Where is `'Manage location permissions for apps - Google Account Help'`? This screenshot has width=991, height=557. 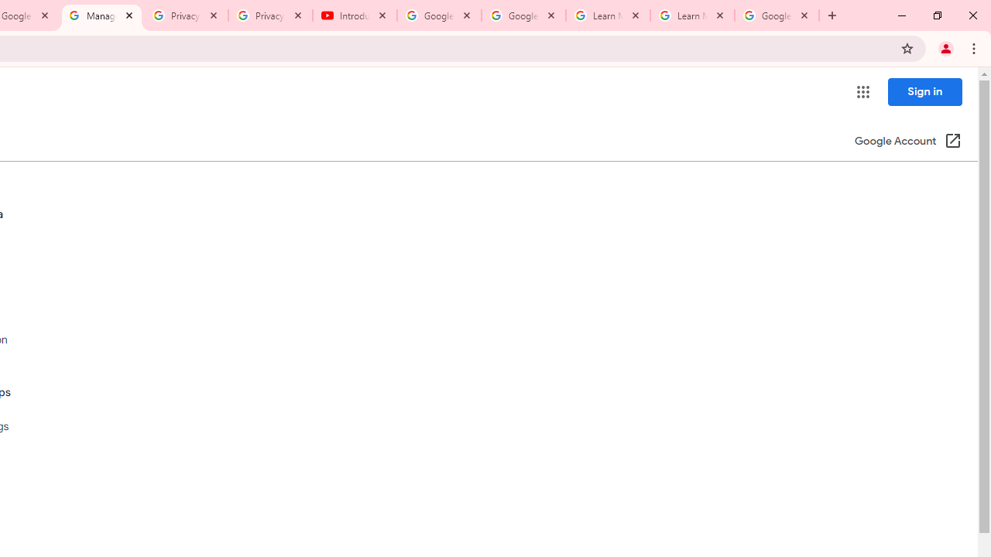
'Manage location permissions for apps - Google Account Help' is located at coordinates (101, 15).